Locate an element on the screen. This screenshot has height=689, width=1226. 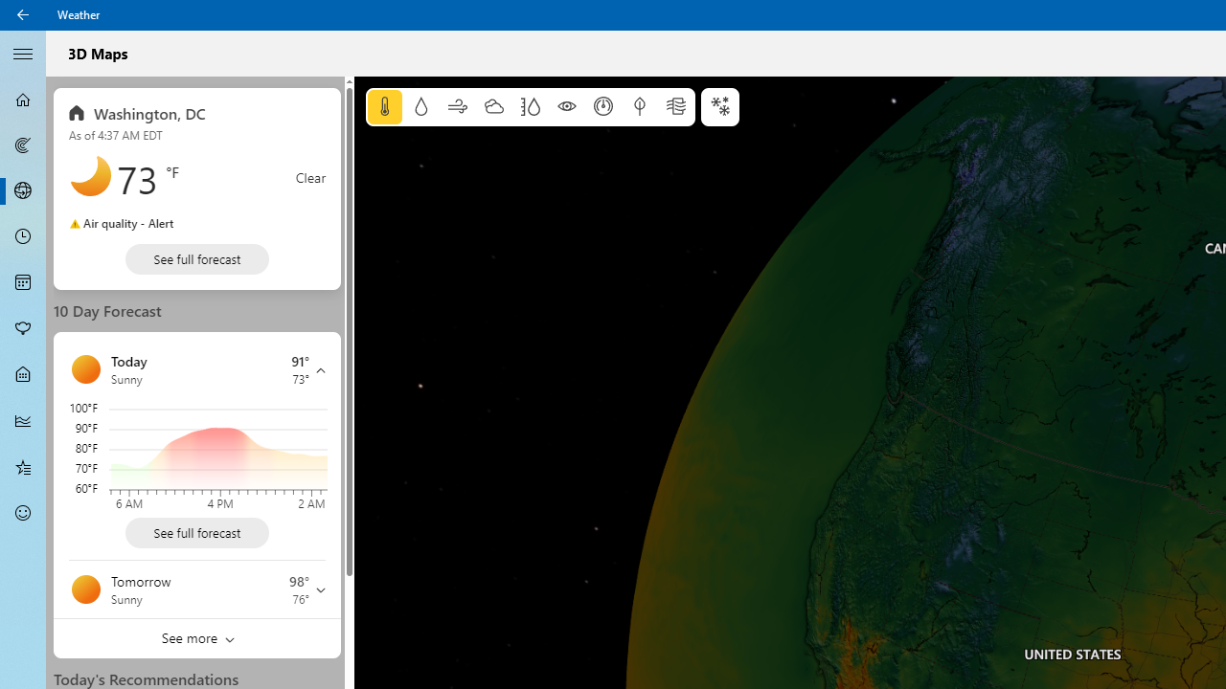
'Send Feedback - Not Selected' is located at coordinates (23, 512).